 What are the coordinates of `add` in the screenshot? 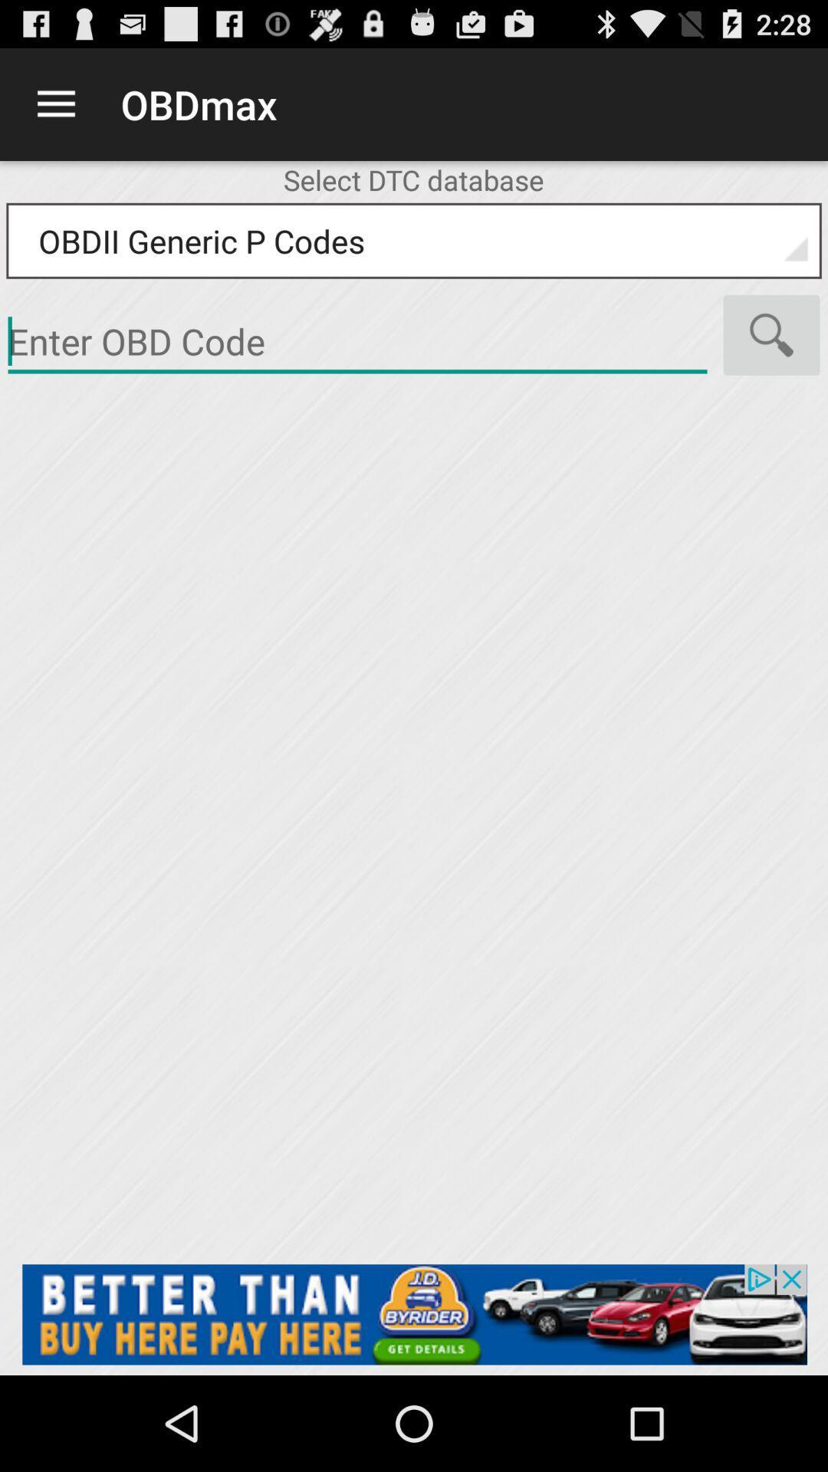 It's located at (414, 1313).